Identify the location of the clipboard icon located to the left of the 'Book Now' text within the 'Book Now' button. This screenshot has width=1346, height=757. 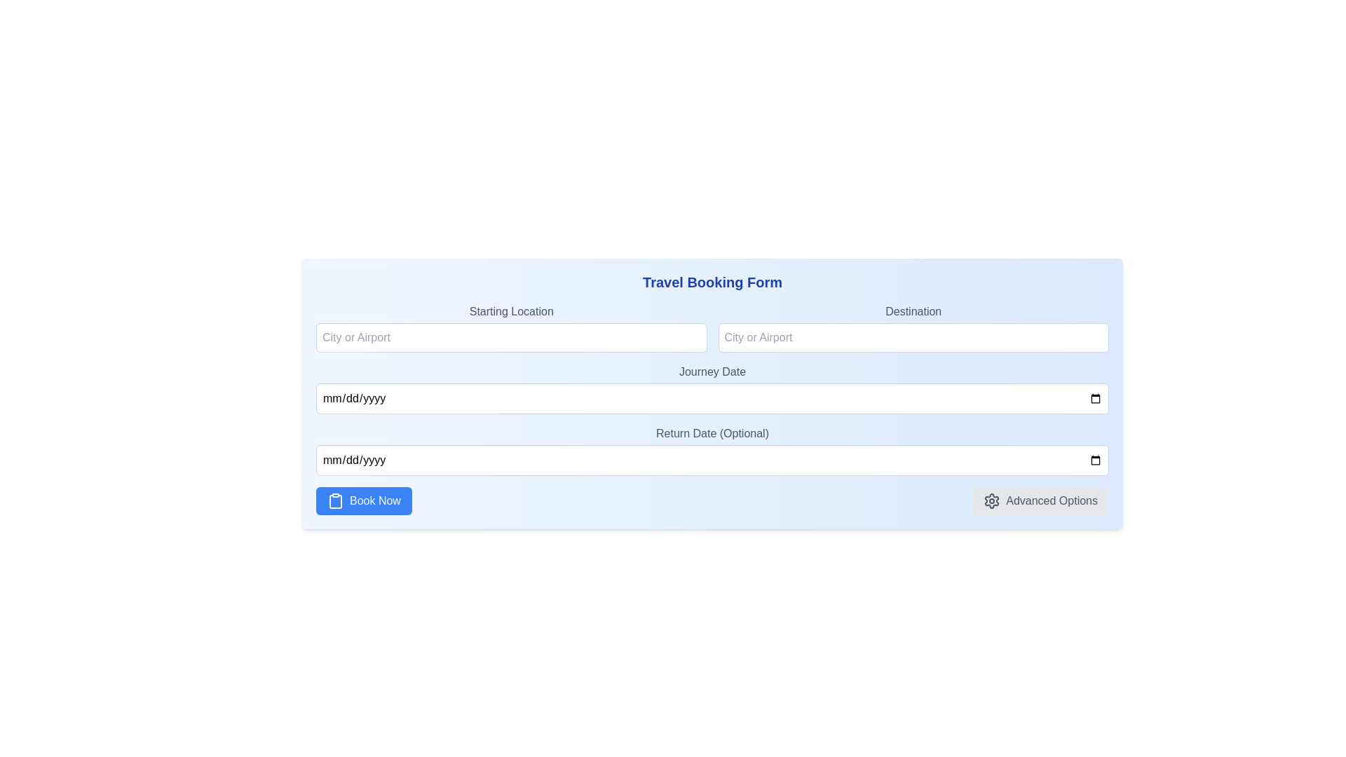
(335, 500).